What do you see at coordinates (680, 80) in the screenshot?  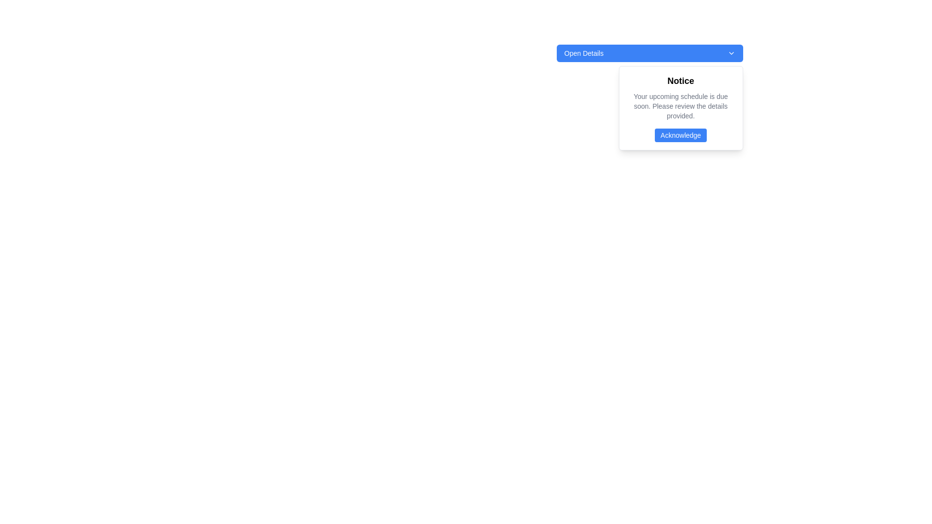 I see `the bold, large-font text label reading 'Notice' at the top of the card component` at bounding box center [680, 80].